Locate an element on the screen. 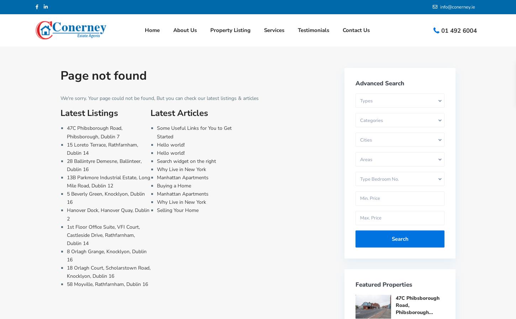 Image resolution: width=516 pixels, height=319 pixels. 'Home' is located at coordinates (152, 30).